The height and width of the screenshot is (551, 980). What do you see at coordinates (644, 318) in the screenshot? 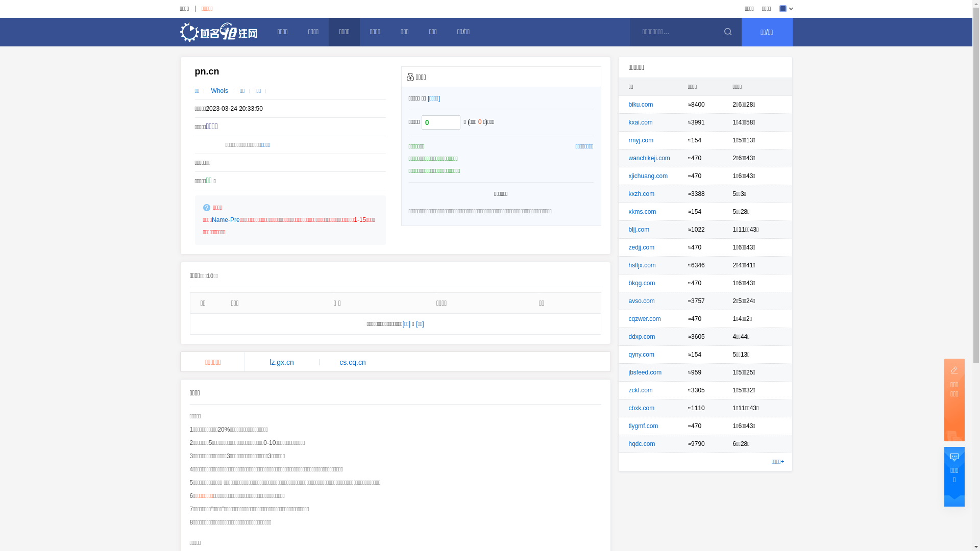
I see `'cqzwer.com'` at bounding box center [644, 318].